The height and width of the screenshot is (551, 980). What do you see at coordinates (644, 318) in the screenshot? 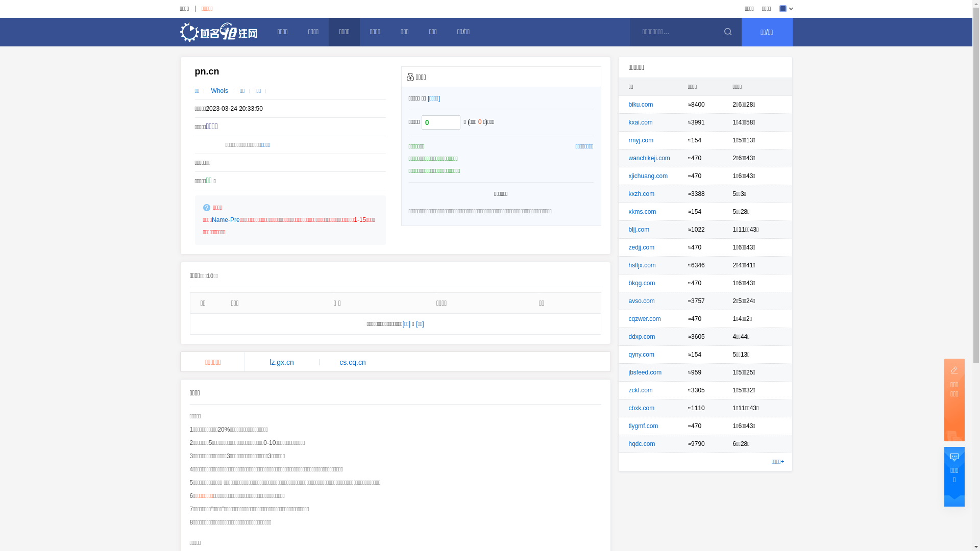
I see `'cqzwer.com'` at bounding box center [644, 318].